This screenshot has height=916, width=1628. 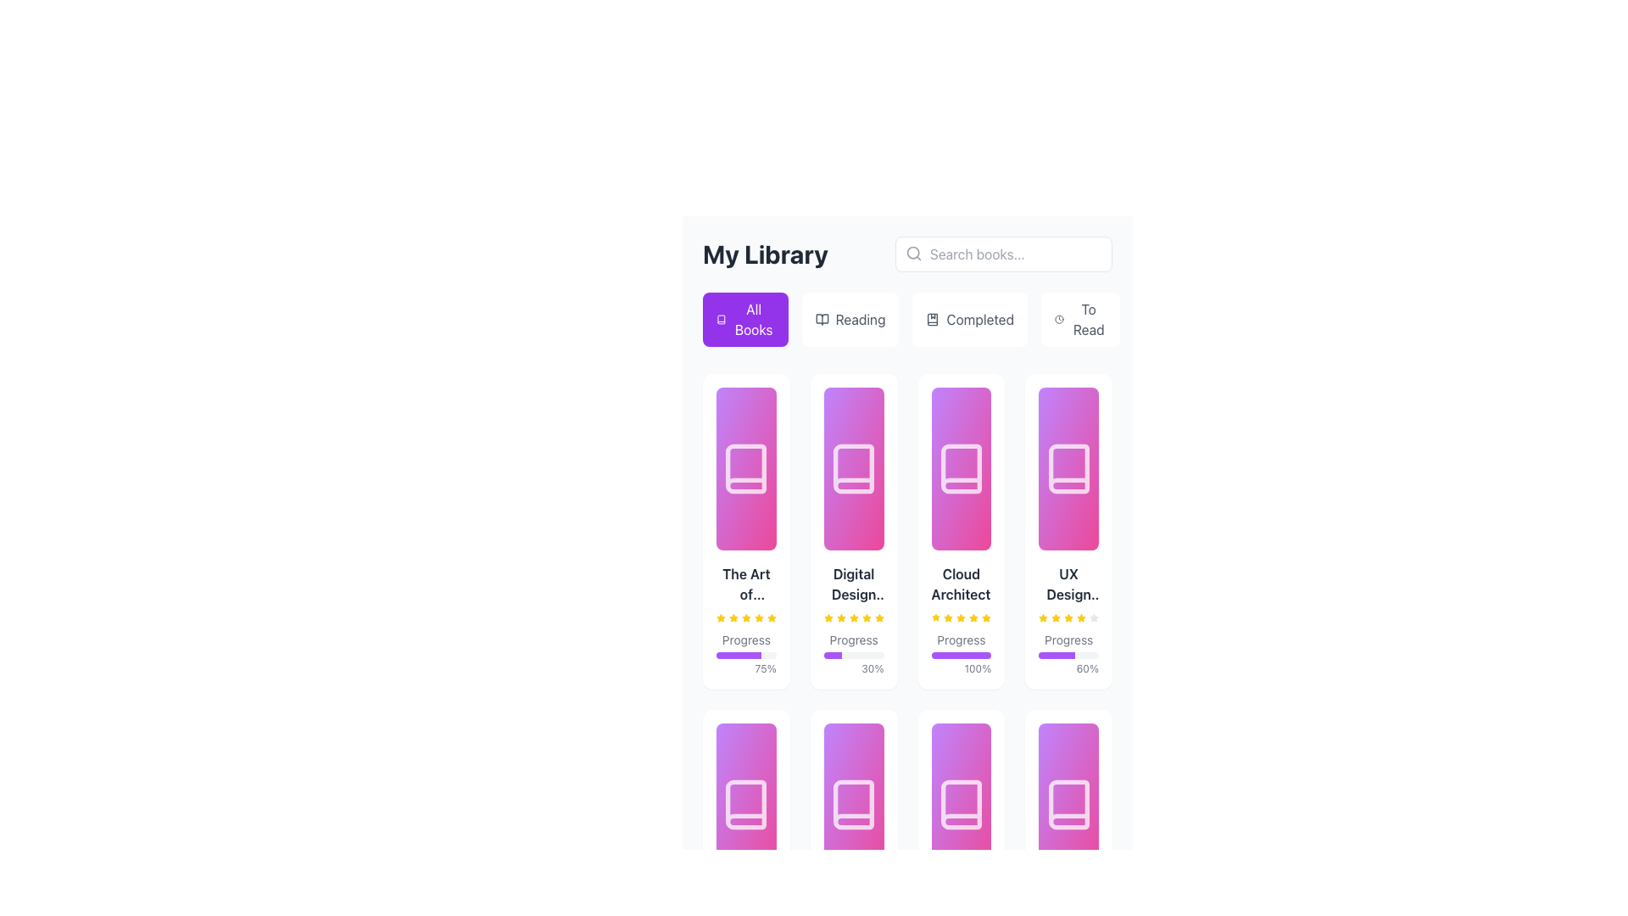 What do you see at coordinates (723, 654) in the screenshot?
I see `progress bar` at bounding box center [723, 654].